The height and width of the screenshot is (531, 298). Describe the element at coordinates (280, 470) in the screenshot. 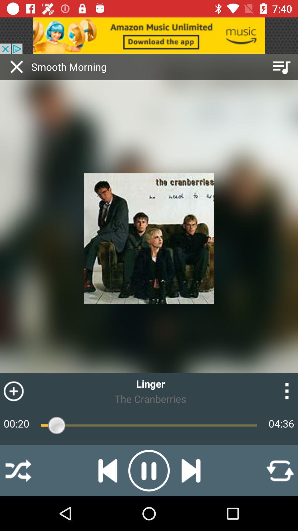

I see `icon at bottom right corner` at that location.